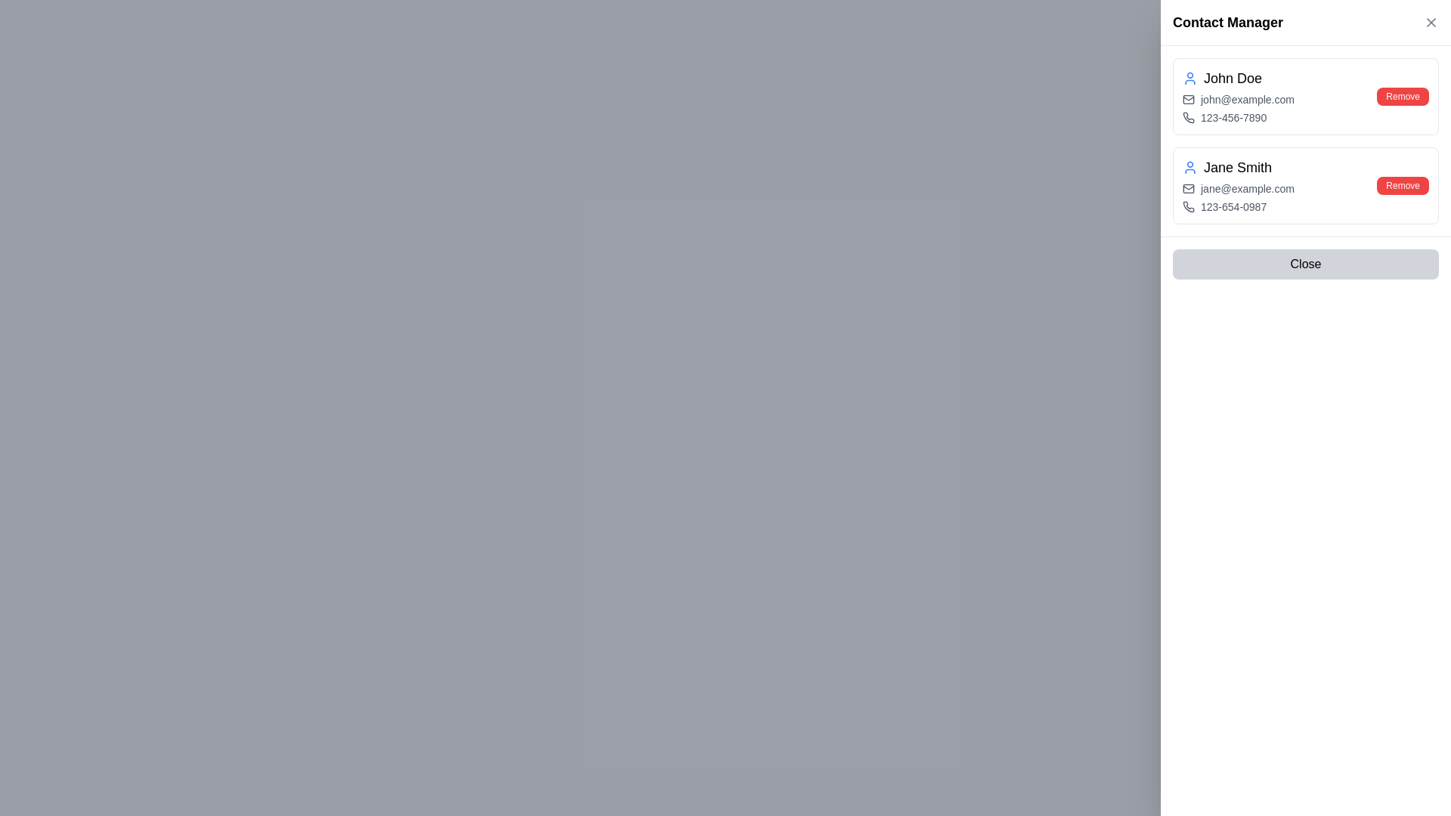 The image size is (1451, 816). What do you see at coordinates (1431, 23) in the screenshot?
I see `the close button icon located in the top-right corner of the 'Contact Manager' modal` at bounding box center [1431, 23].